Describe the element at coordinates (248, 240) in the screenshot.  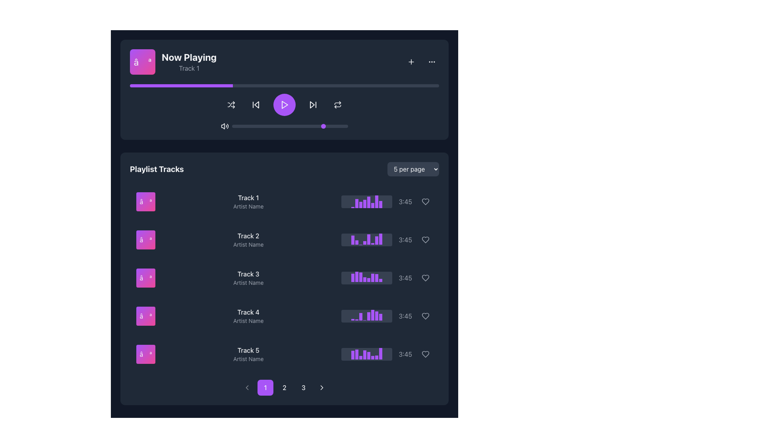
I see `the Text Display element that shows the title 'Track 2' and the artist name below it, which is the second entry in the playlist section` at that location.